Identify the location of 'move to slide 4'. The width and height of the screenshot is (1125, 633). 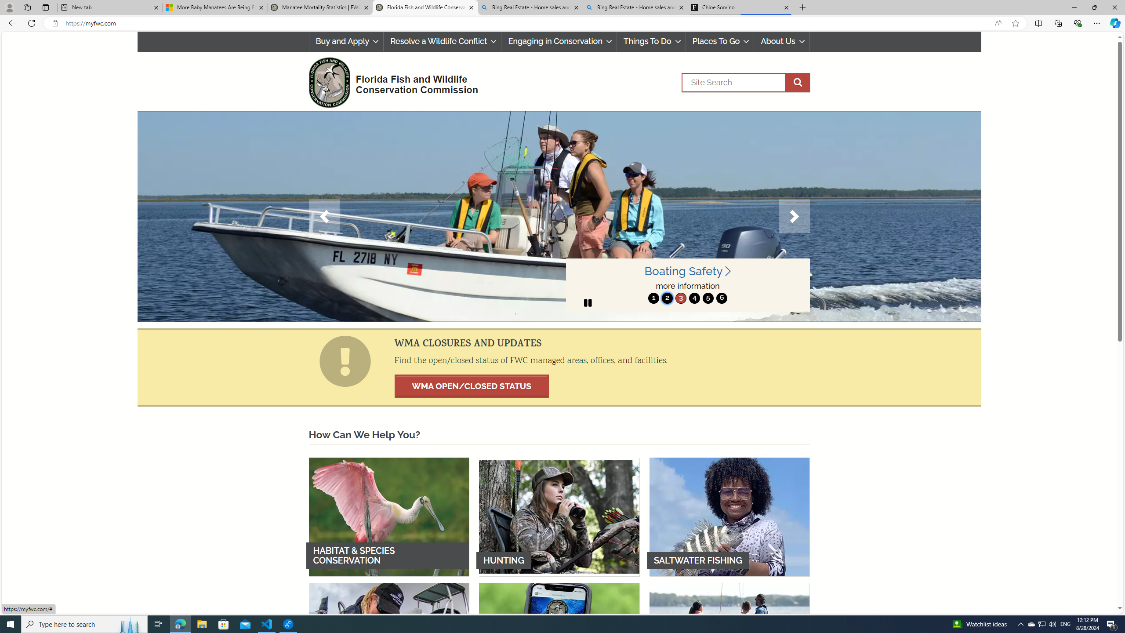
(693, 298).